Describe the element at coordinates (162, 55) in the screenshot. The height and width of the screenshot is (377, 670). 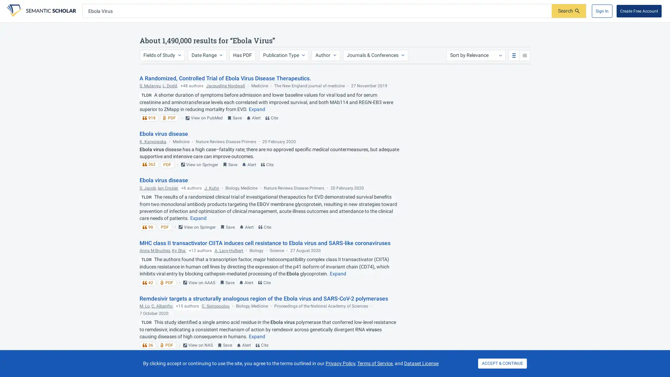
I see `Fields of Study` at that location.